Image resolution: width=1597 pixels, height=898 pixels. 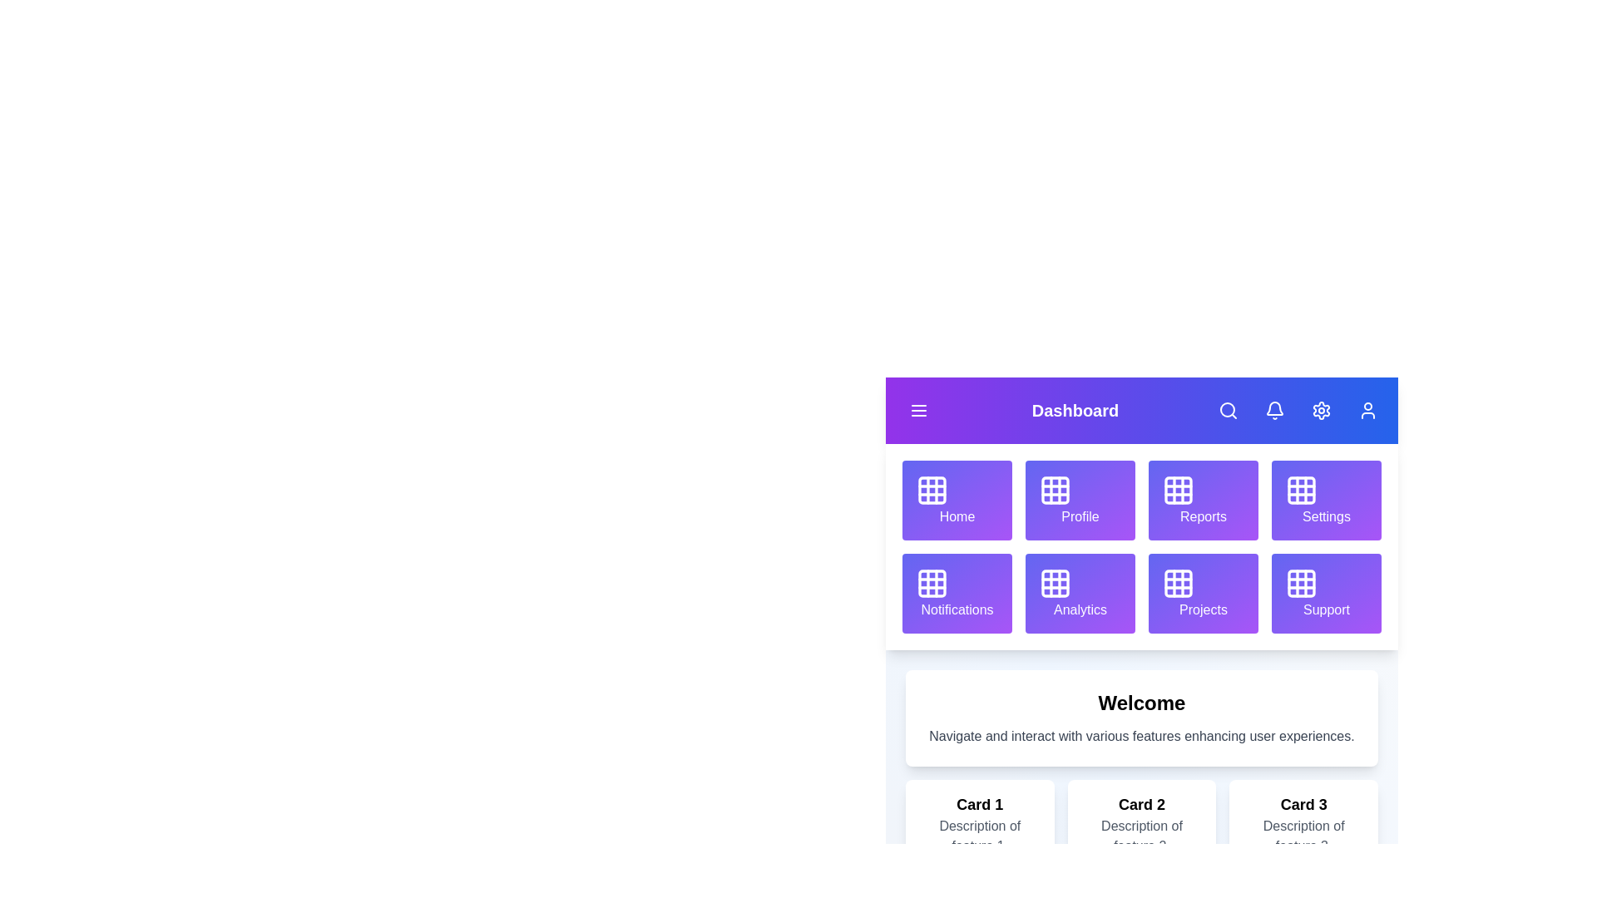 What do you see at coordinates (1368, 410) in the screenshot?
I see `the user icon to access profile settings` at bounding box center [1368, 410].